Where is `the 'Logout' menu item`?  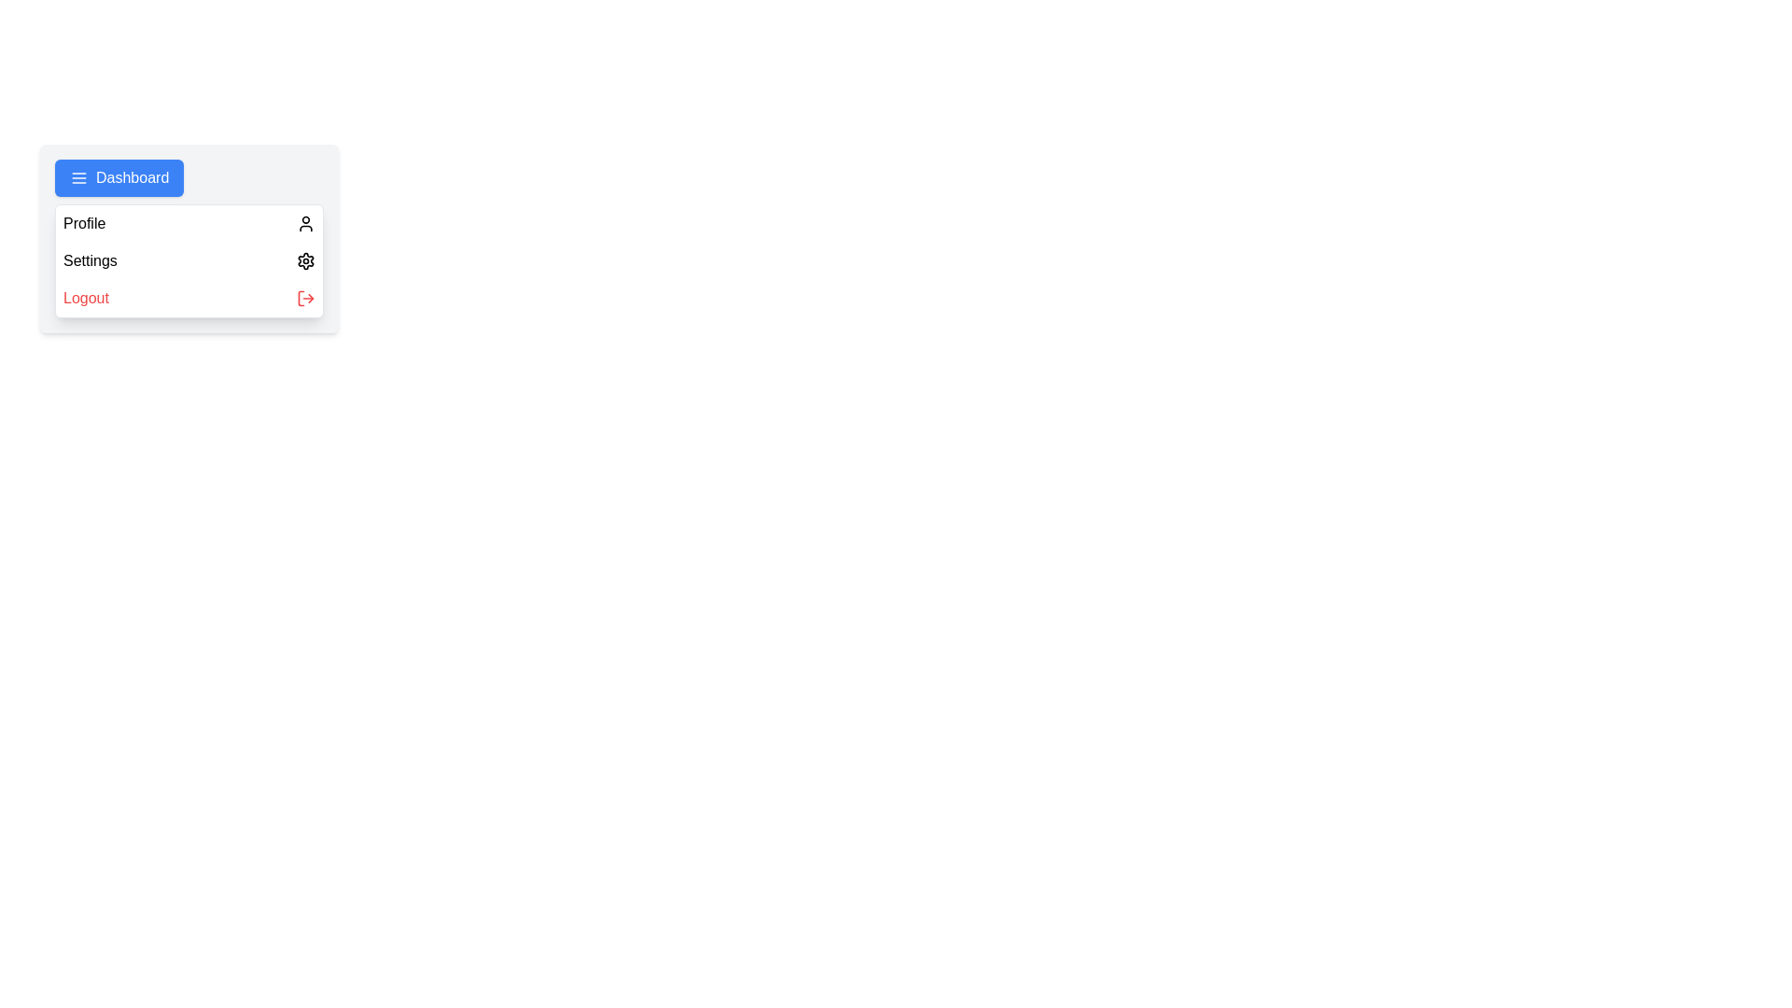
the 'Logout' menu item is located at coordinates (189, 298).